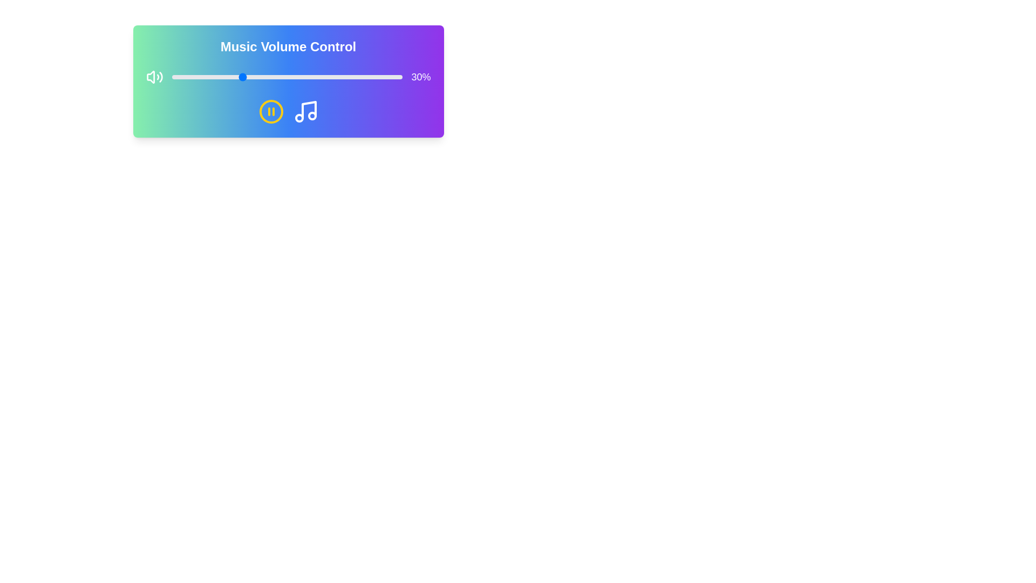 This screenshot has height=583, width=1036. Describe the element at coordinates (271, 112) in the screenshot. I see `the interactive pause button located to the left of the musical note symbol` at that location.